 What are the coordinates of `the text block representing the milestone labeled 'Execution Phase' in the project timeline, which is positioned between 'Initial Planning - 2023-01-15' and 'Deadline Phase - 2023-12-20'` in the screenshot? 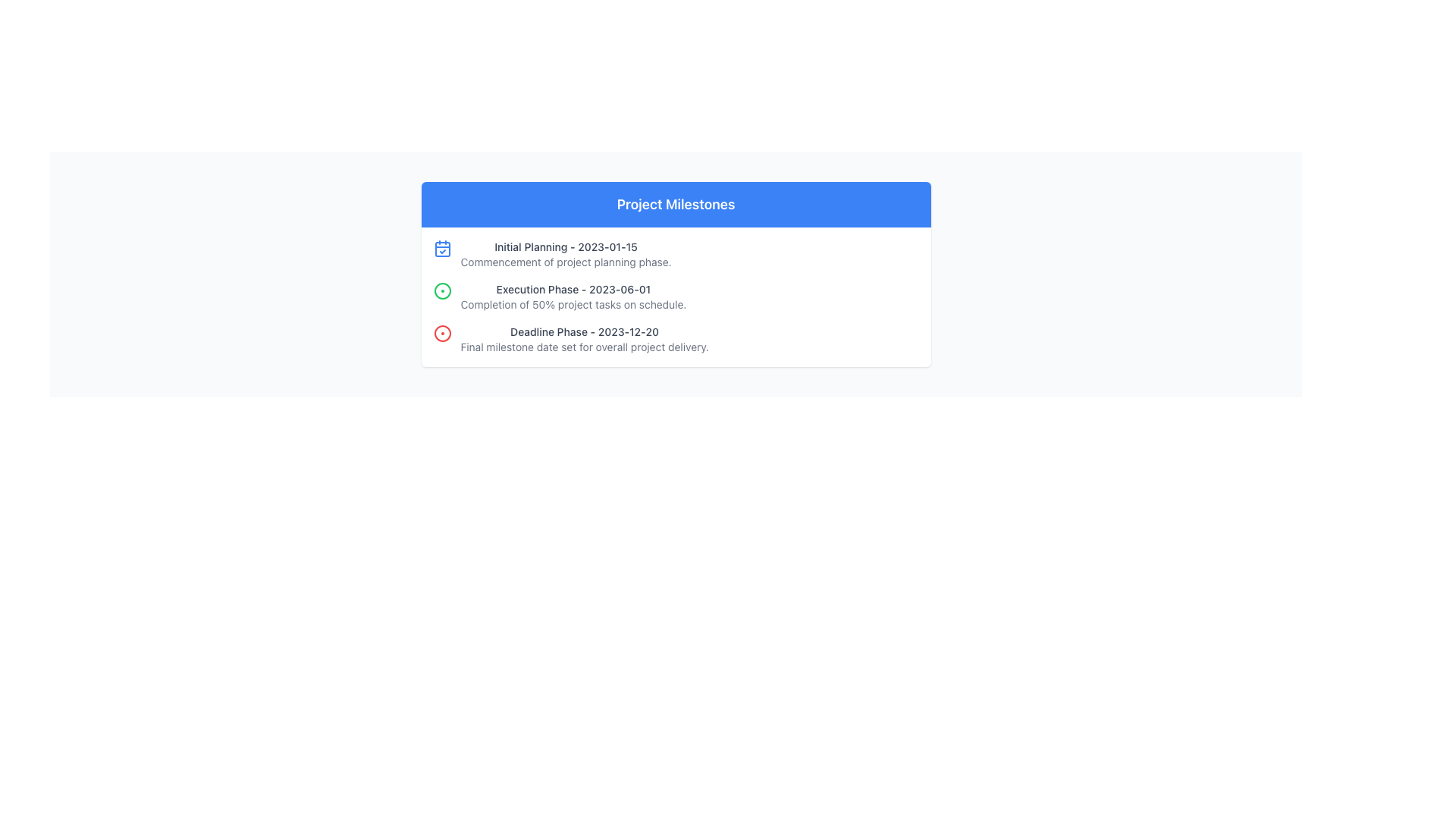 It's located at (573, 297).